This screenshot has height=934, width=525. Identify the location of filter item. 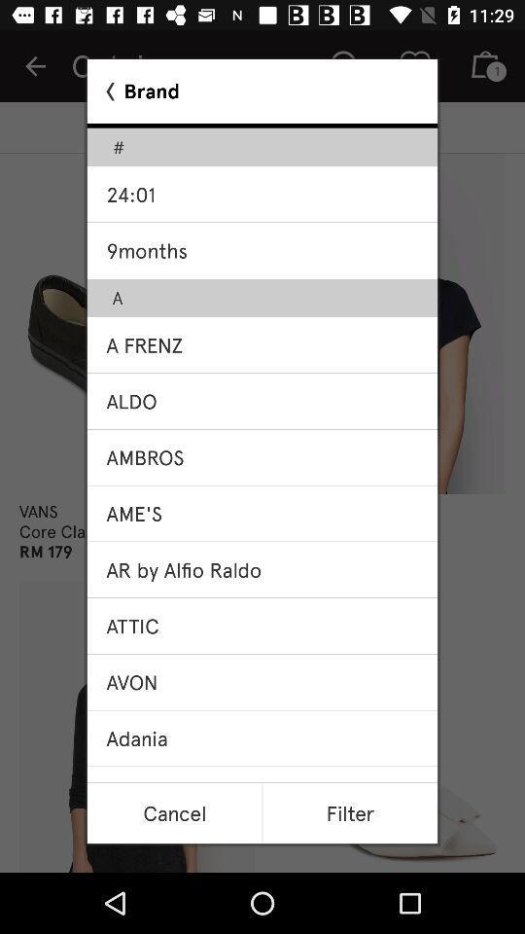
(349, 813).